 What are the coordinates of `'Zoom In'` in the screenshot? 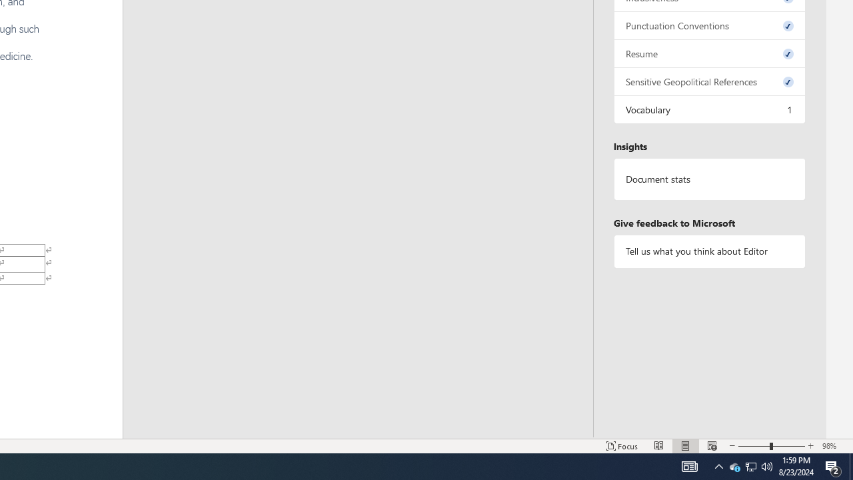 It's located at (810, 446).